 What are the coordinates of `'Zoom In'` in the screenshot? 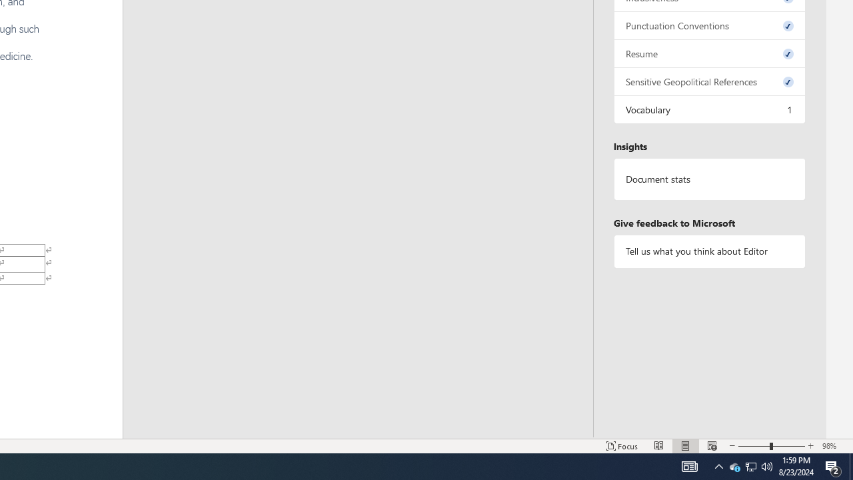 It's located at (810, 446).